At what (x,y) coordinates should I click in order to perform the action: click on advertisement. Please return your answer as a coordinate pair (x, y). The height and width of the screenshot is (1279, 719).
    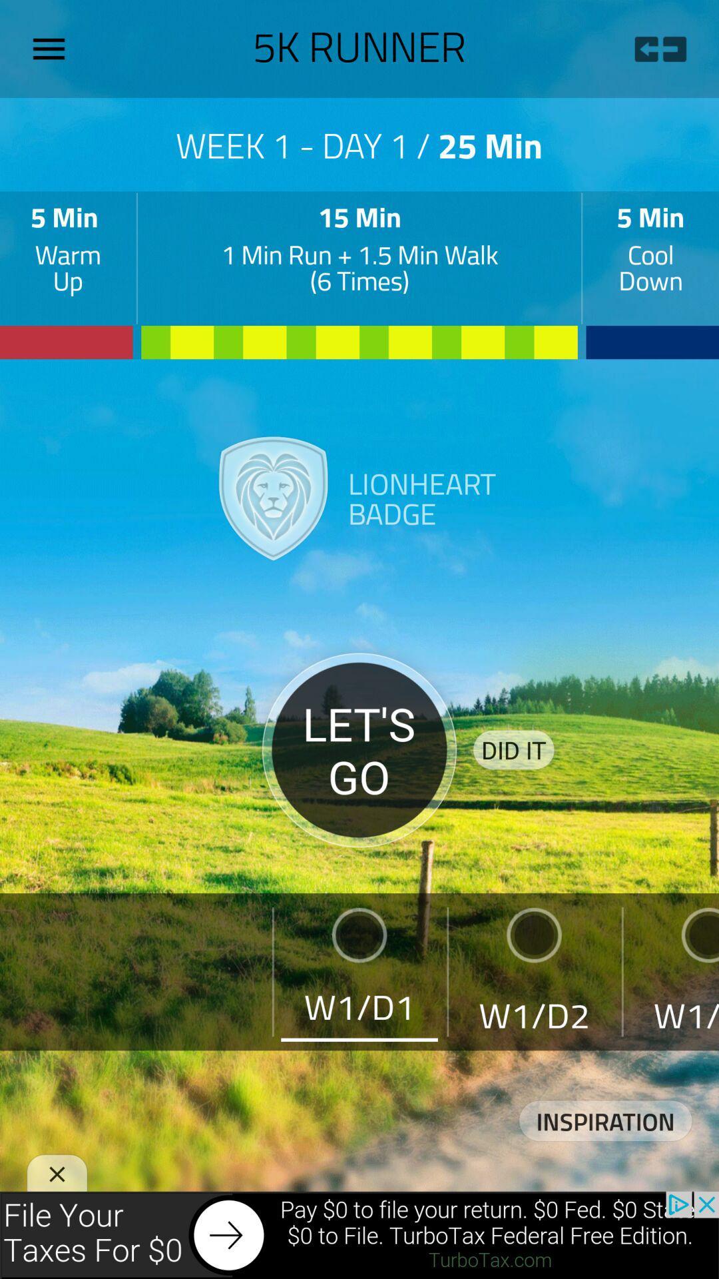
    Looking at the image, I should click on (359, 1234).